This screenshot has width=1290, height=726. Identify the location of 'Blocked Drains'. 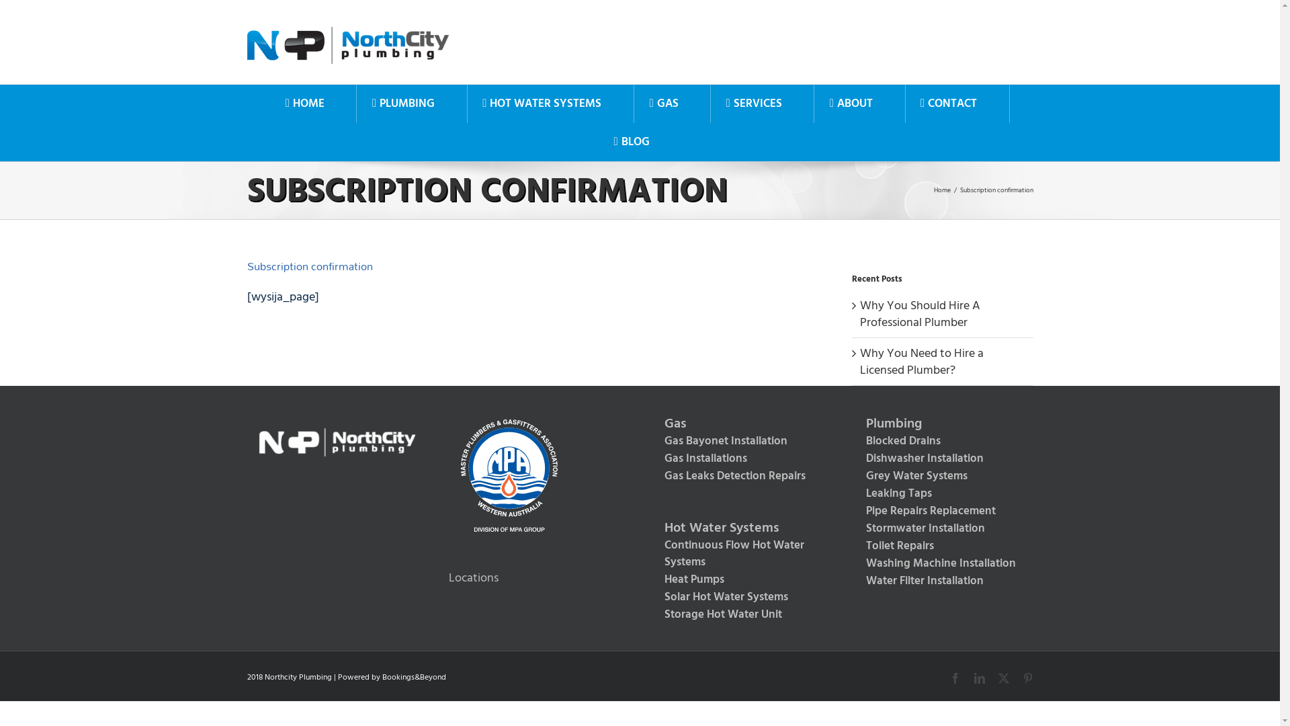
(941, 441).